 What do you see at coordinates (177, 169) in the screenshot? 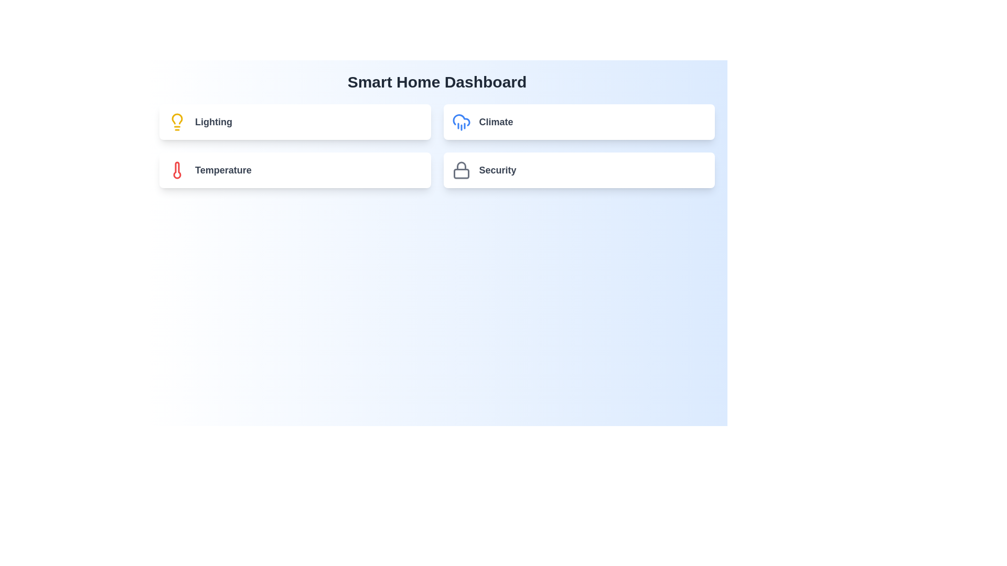
I see `the temperature icon in the Smart Home Dashboard located below the Lighting section and to the left of the Temperature label` at bounding box center [177, 169].